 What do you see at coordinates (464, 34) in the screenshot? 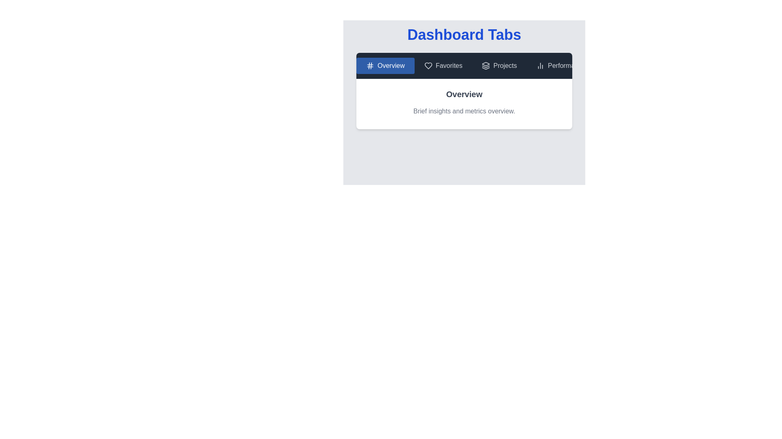
I see `the header text 'Dashboard Tabs' by selecting it` at bounding box center [464, 34].